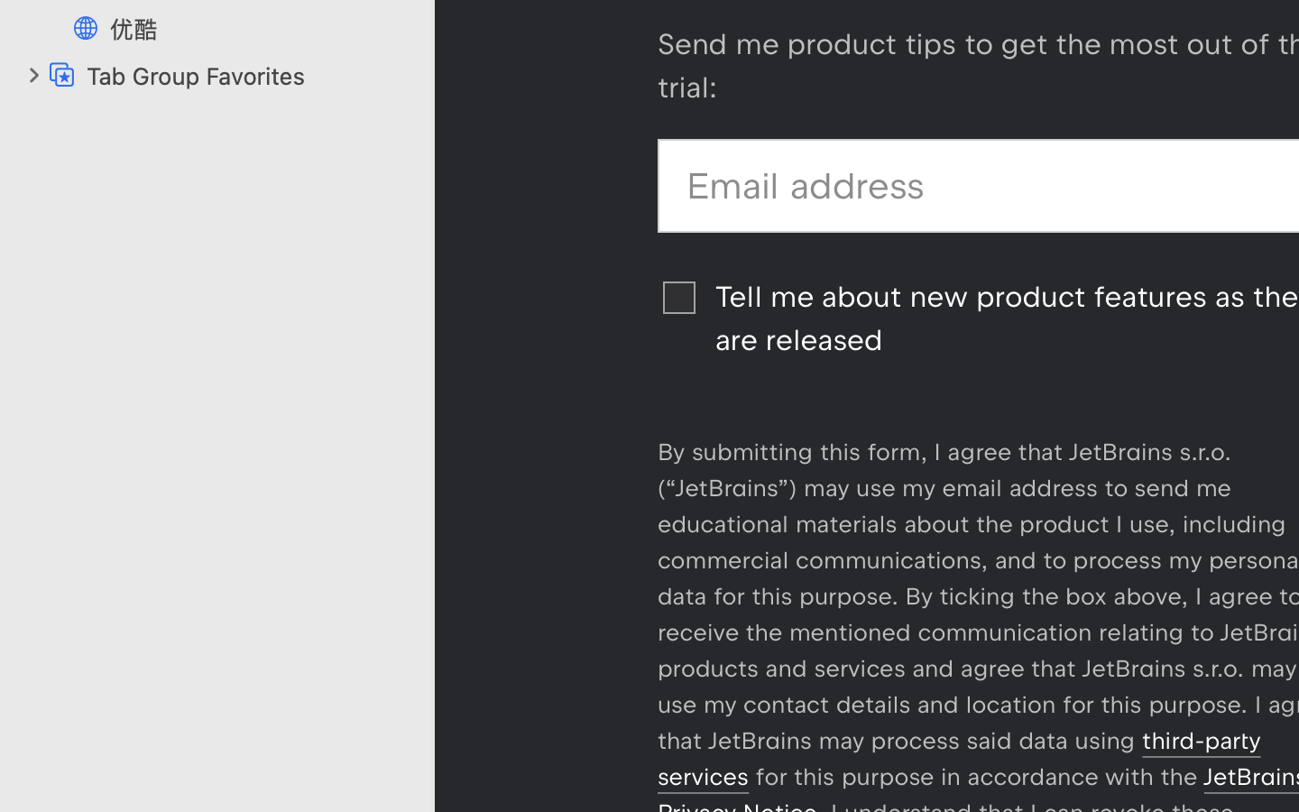 The width and height of the screenshot is (1299, 812). What do you see at coordinates (959, 758) in the screenshot?
I see `'third-party services'` at bounding box center [959, 758].